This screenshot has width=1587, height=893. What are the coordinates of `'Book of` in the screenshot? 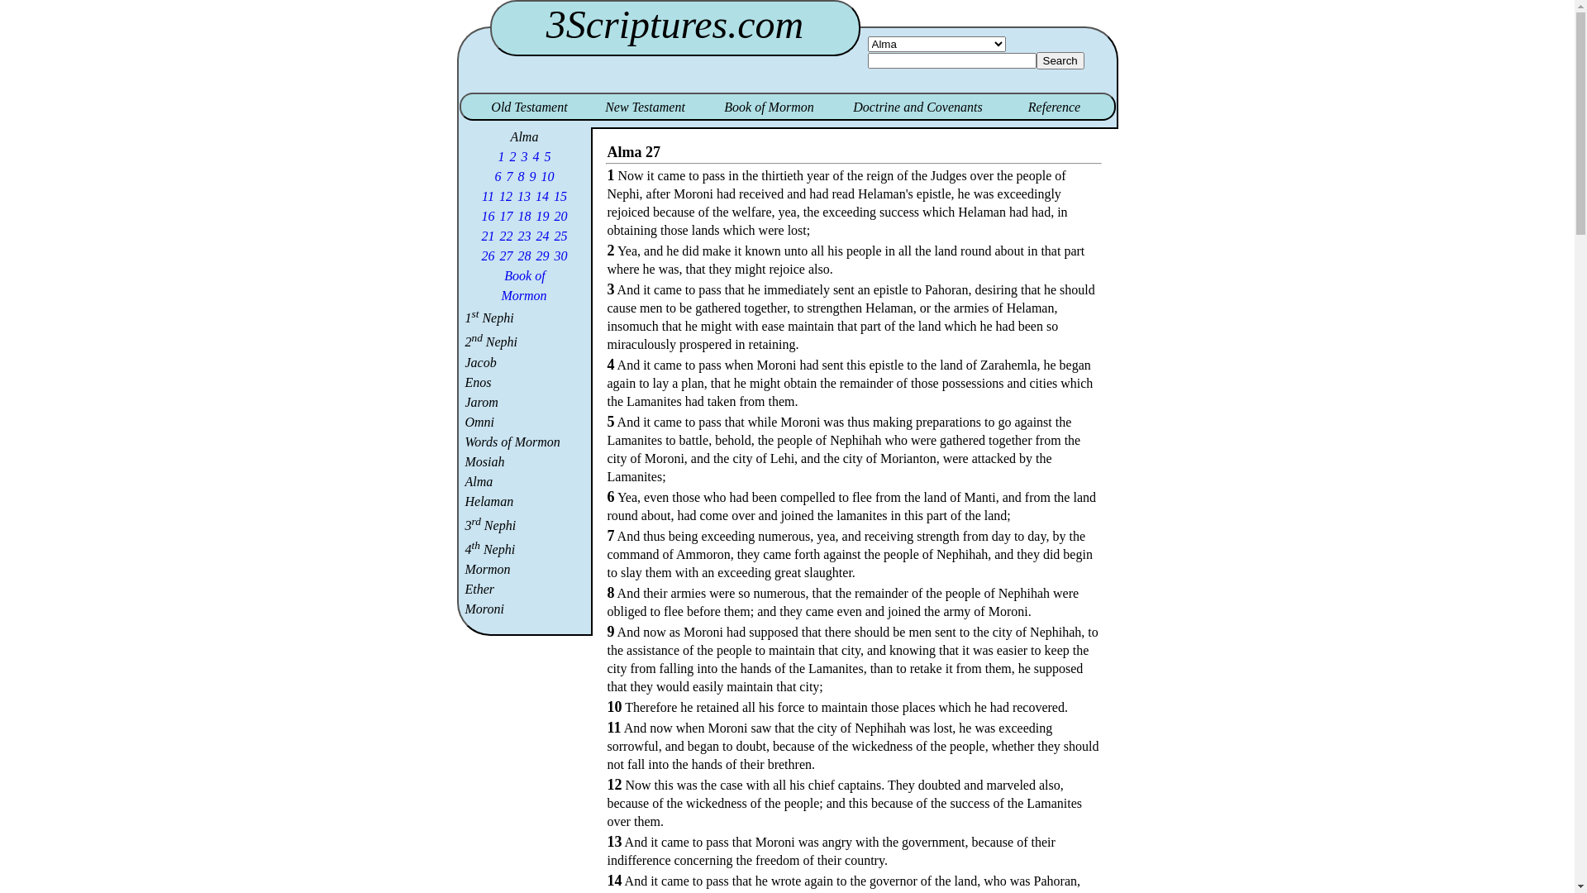 It's located at (499, 284).